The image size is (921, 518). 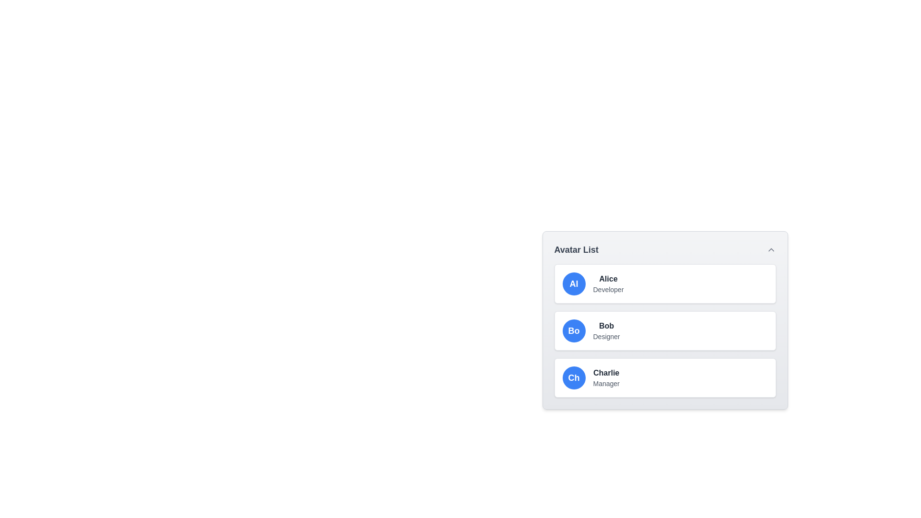 I want to click on the second item in the list that displays information about a person or entity, which includes a name and a role, so click(x=664, y=348).